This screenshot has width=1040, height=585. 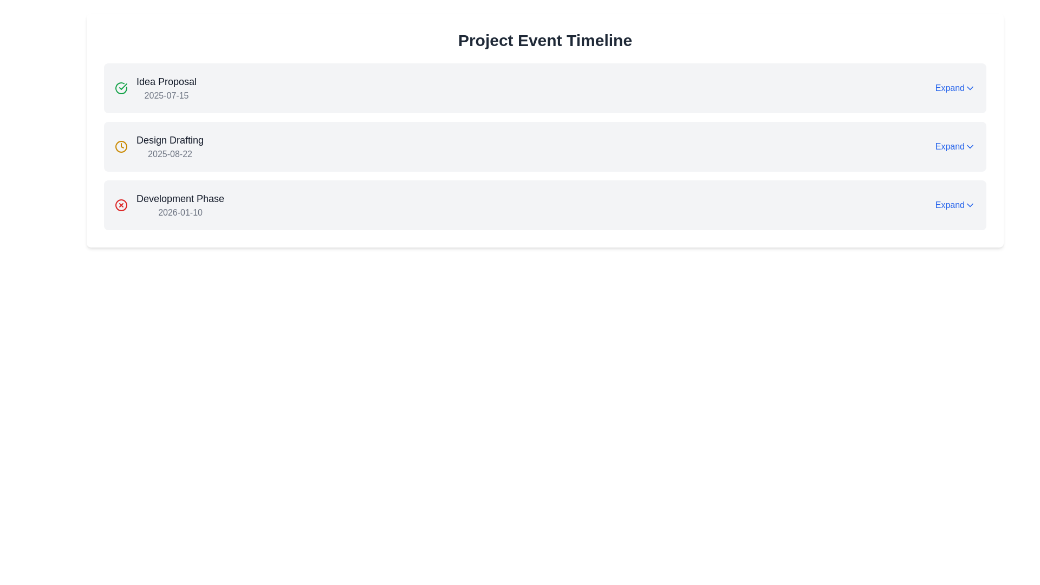 I want to click on the clock icon located to the left of the text 'Design Drafting' in the second item of the vertically stacked list of project events, so click(x=121, y=146).